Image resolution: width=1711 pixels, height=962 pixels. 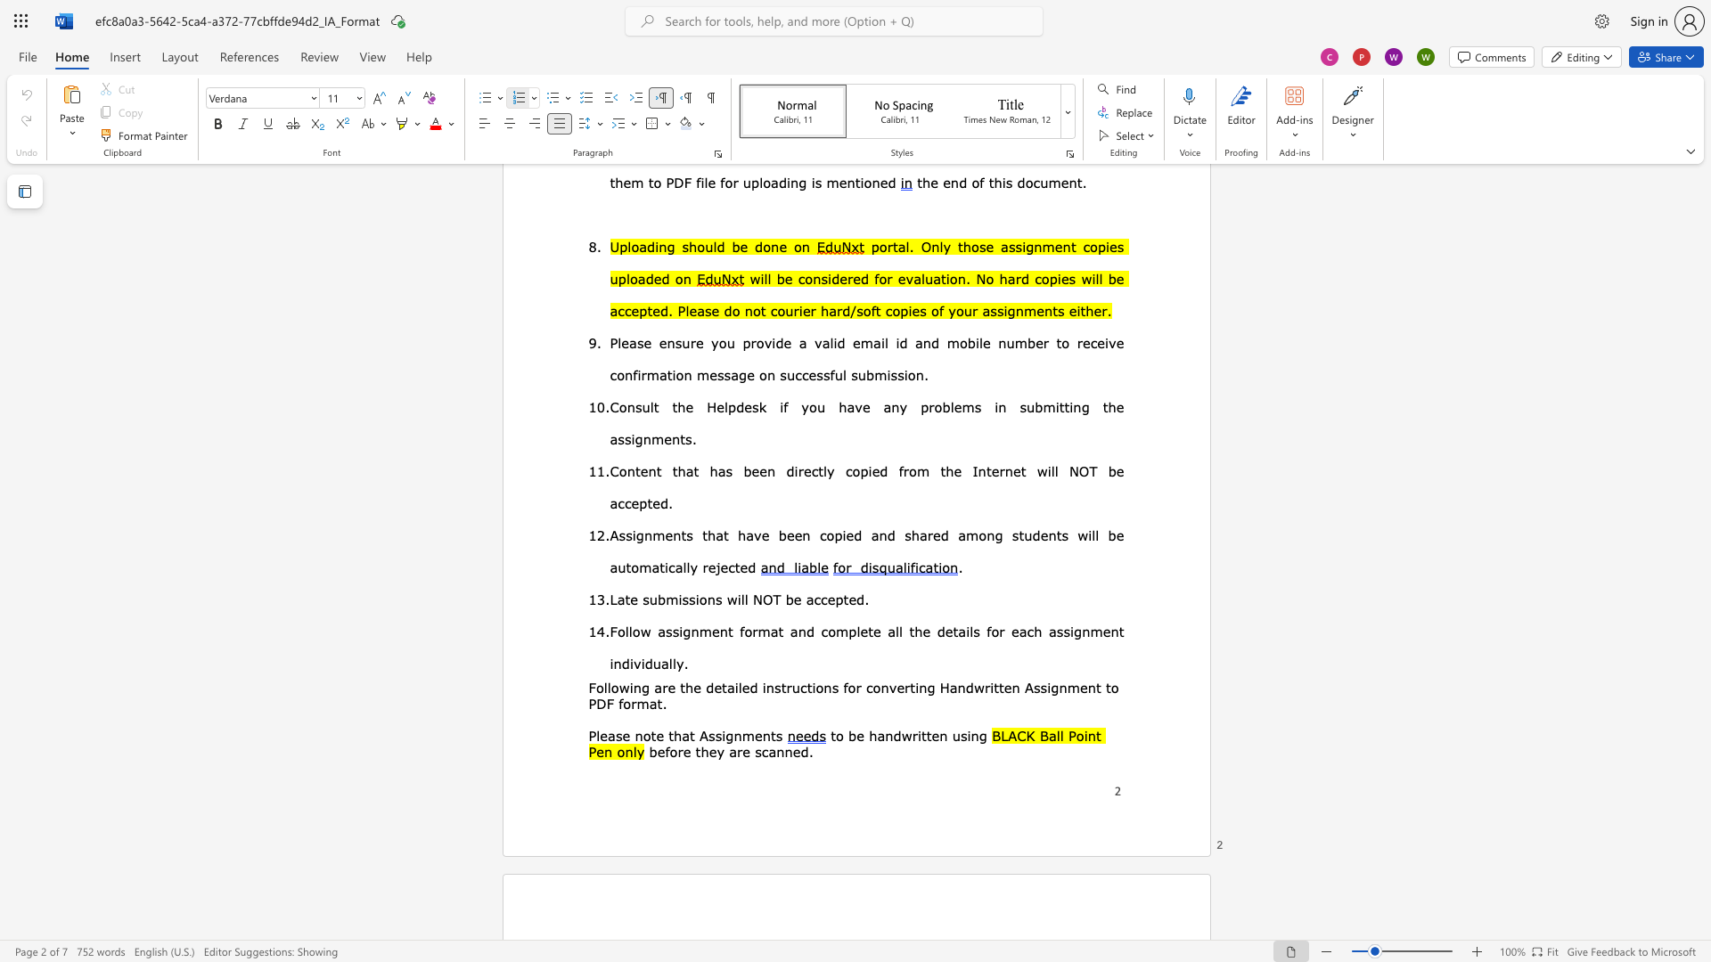 What do you see at coordinates (704, 567) in the screenshot?
I see `the 2th character "r" in the text` at bounding box center [704, 567].